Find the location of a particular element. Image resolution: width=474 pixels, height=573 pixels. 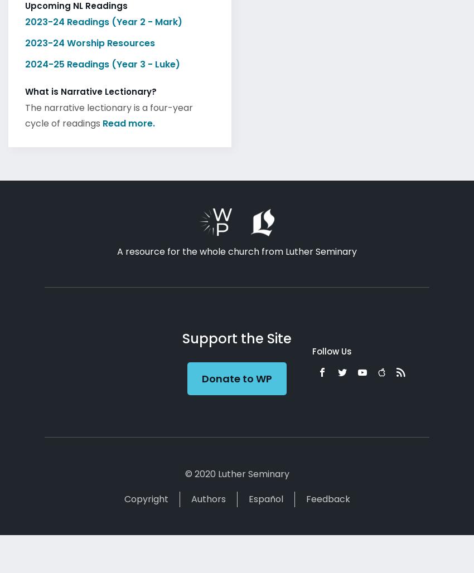

'A resource for the whole church from Luther Seminary' is located at coordinates (117, 248).